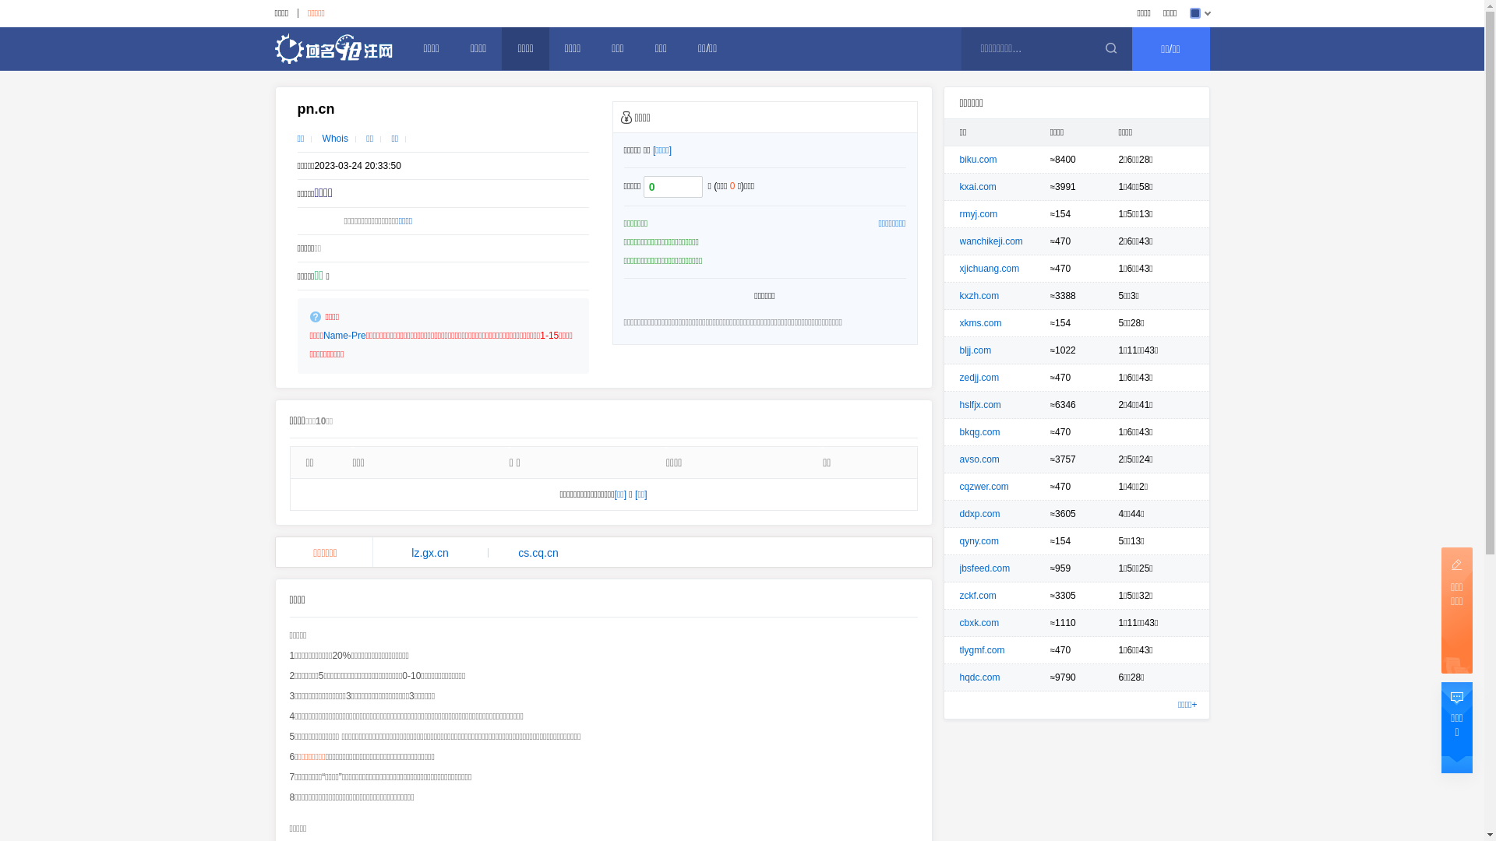 Image resolution: width=1496 pixels, height=841 pixels. Describe the element at coordinates (959, 621) in the screenshot. I see `'cbxk.com'` at that location.